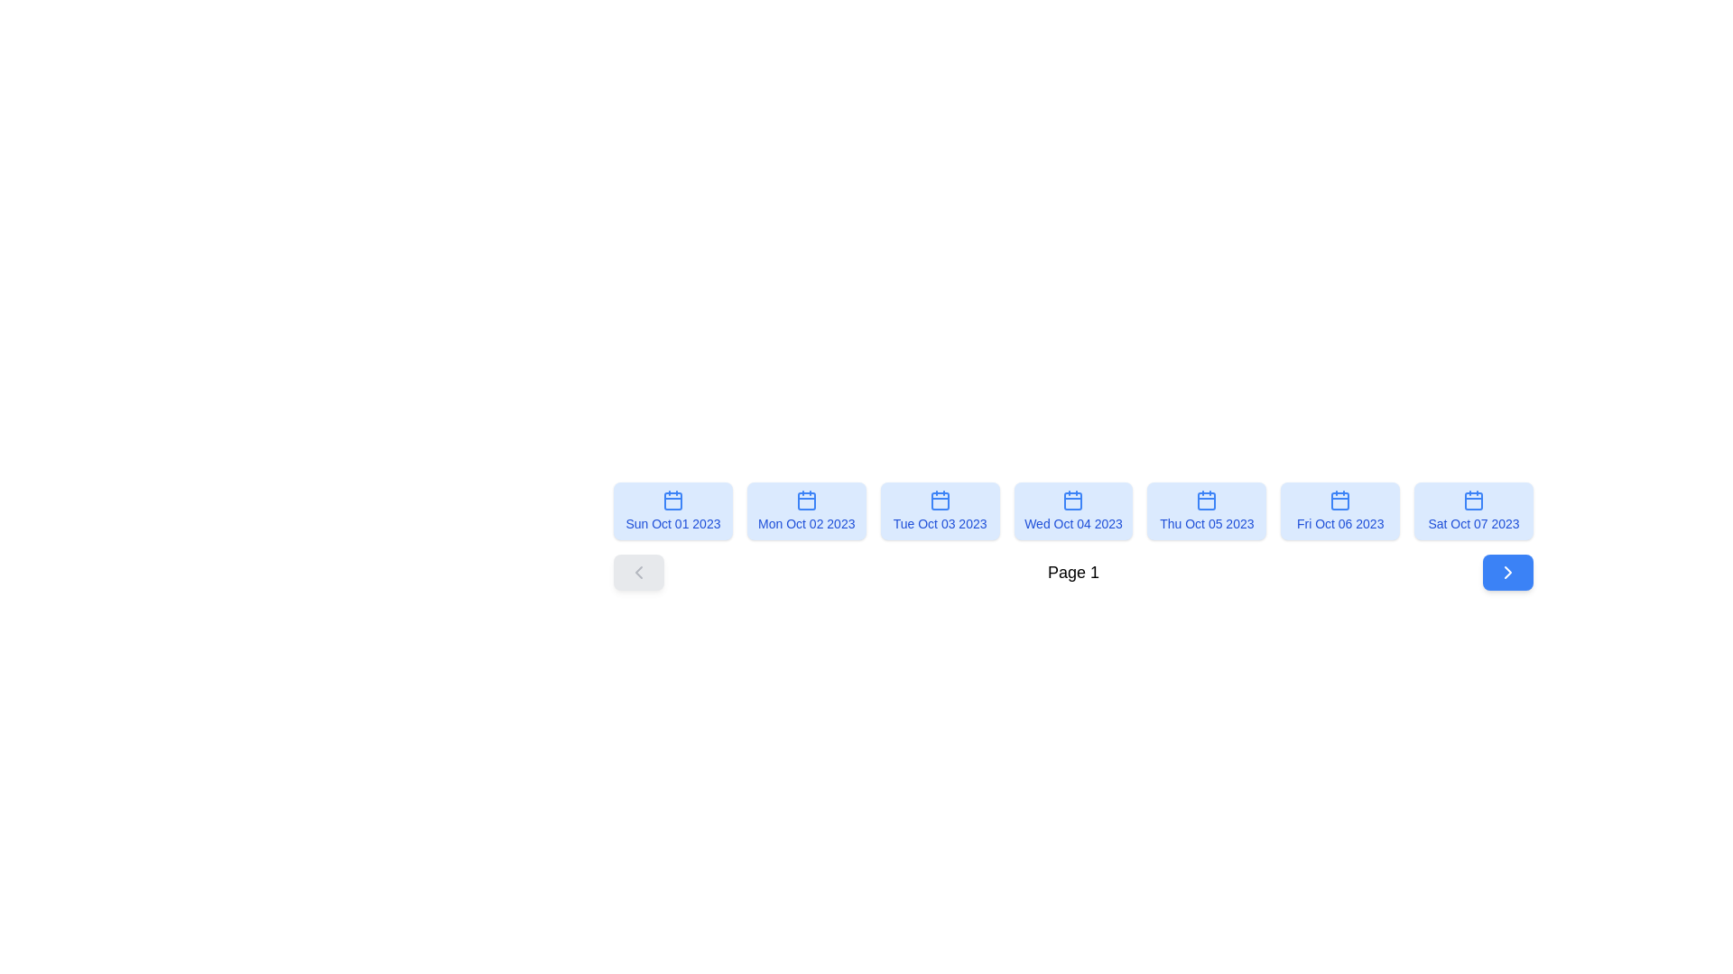 This screenshot has height=974, width=1733. I want to click on the chevron icon located in the blue button at the extreme right of the horizontal sequence of calendar buttons, so click(1507, 573).